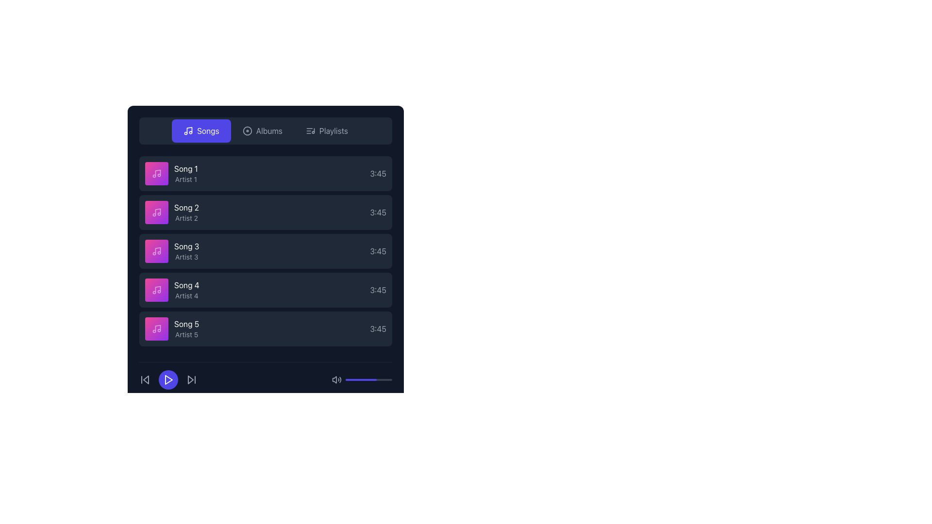 This screenshot has width=932, height=524. Describe the element at coordinates (346, 379) in the screenshot. I see `the volume` at that location.